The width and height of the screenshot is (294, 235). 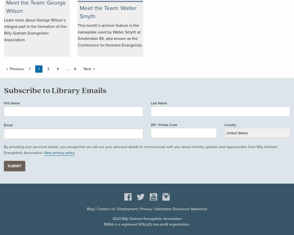 I want to click on '2023 Billy Graham Evangelistic Association', so click(x=147, y=218).